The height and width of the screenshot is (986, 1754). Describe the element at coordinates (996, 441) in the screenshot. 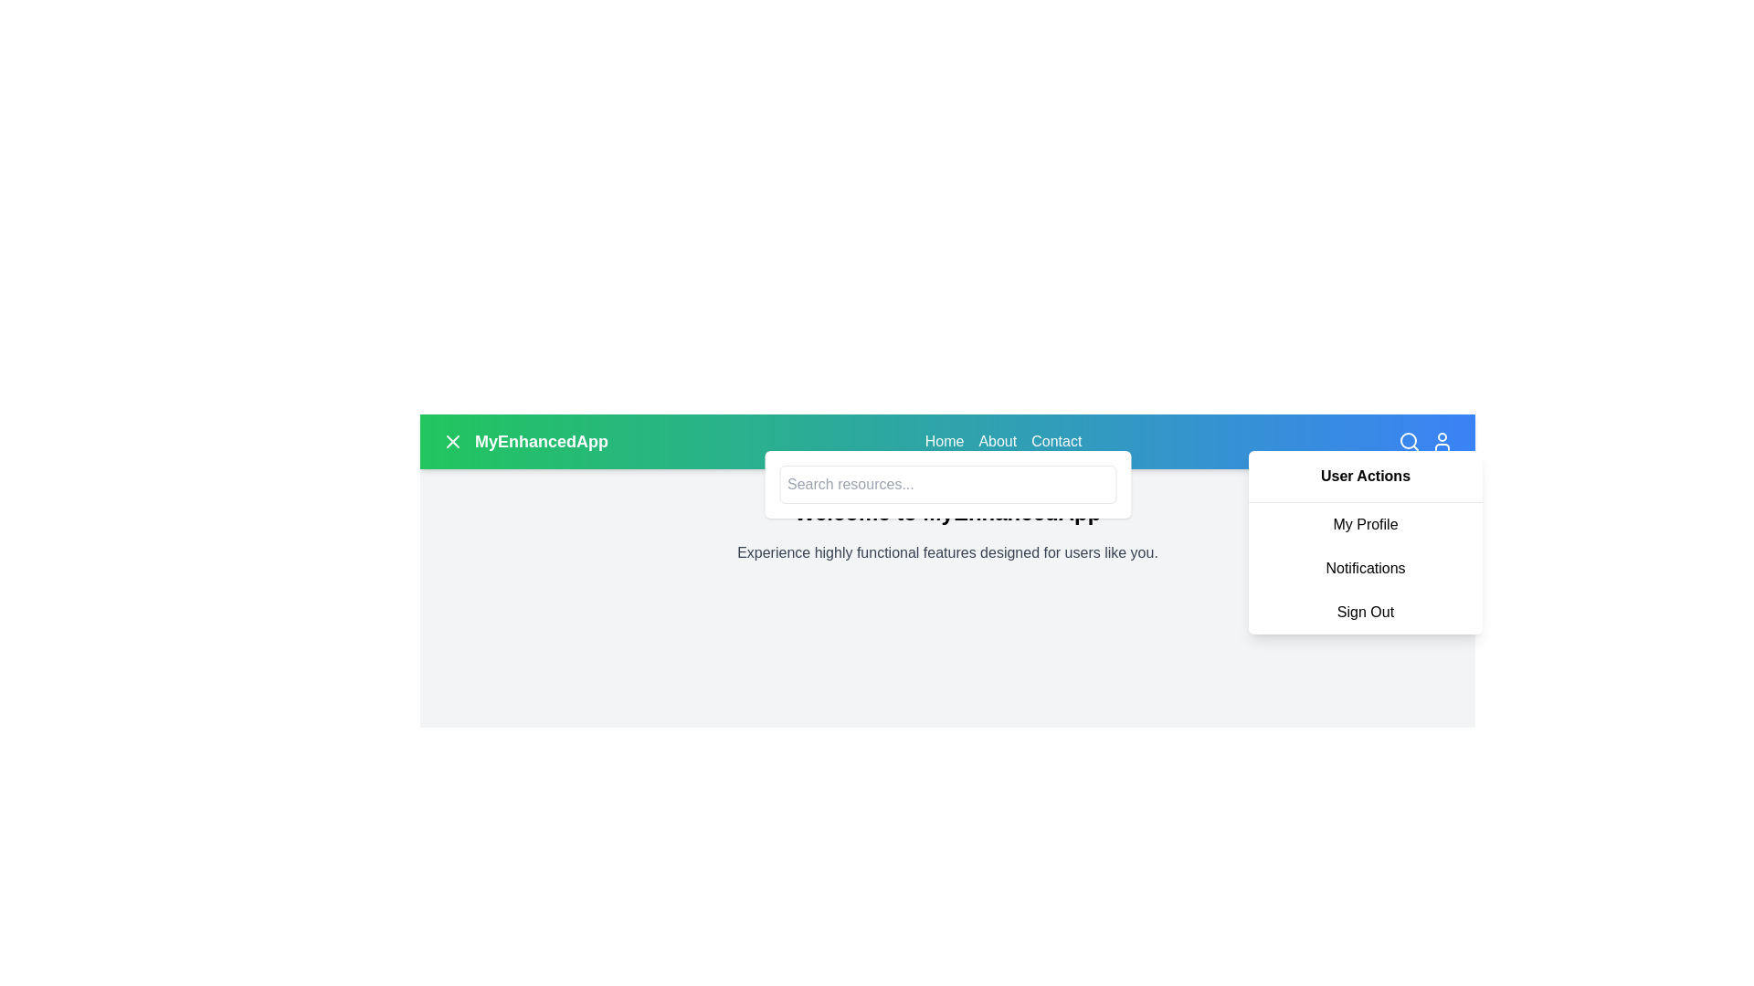

I see `the 'About' hyperlink located in the header navigation bar at the upper center of the page` at that location.